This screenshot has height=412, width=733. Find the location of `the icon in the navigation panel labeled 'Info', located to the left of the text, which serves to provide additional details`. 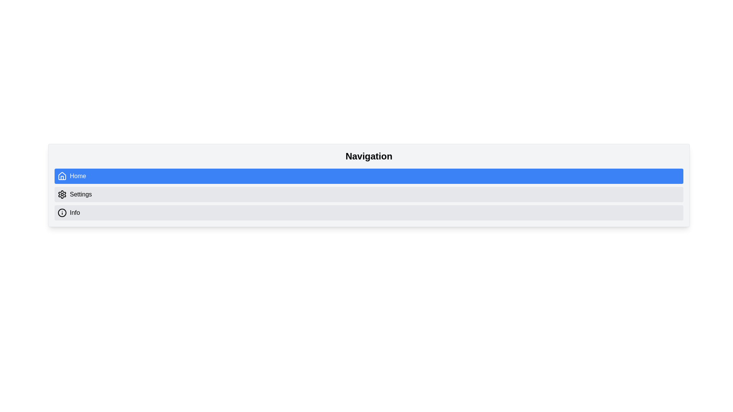

the icon in the navigation panel labeled 'Info', located to the left of the text, which serves to provide additional details is located at coordinates (62, 213).